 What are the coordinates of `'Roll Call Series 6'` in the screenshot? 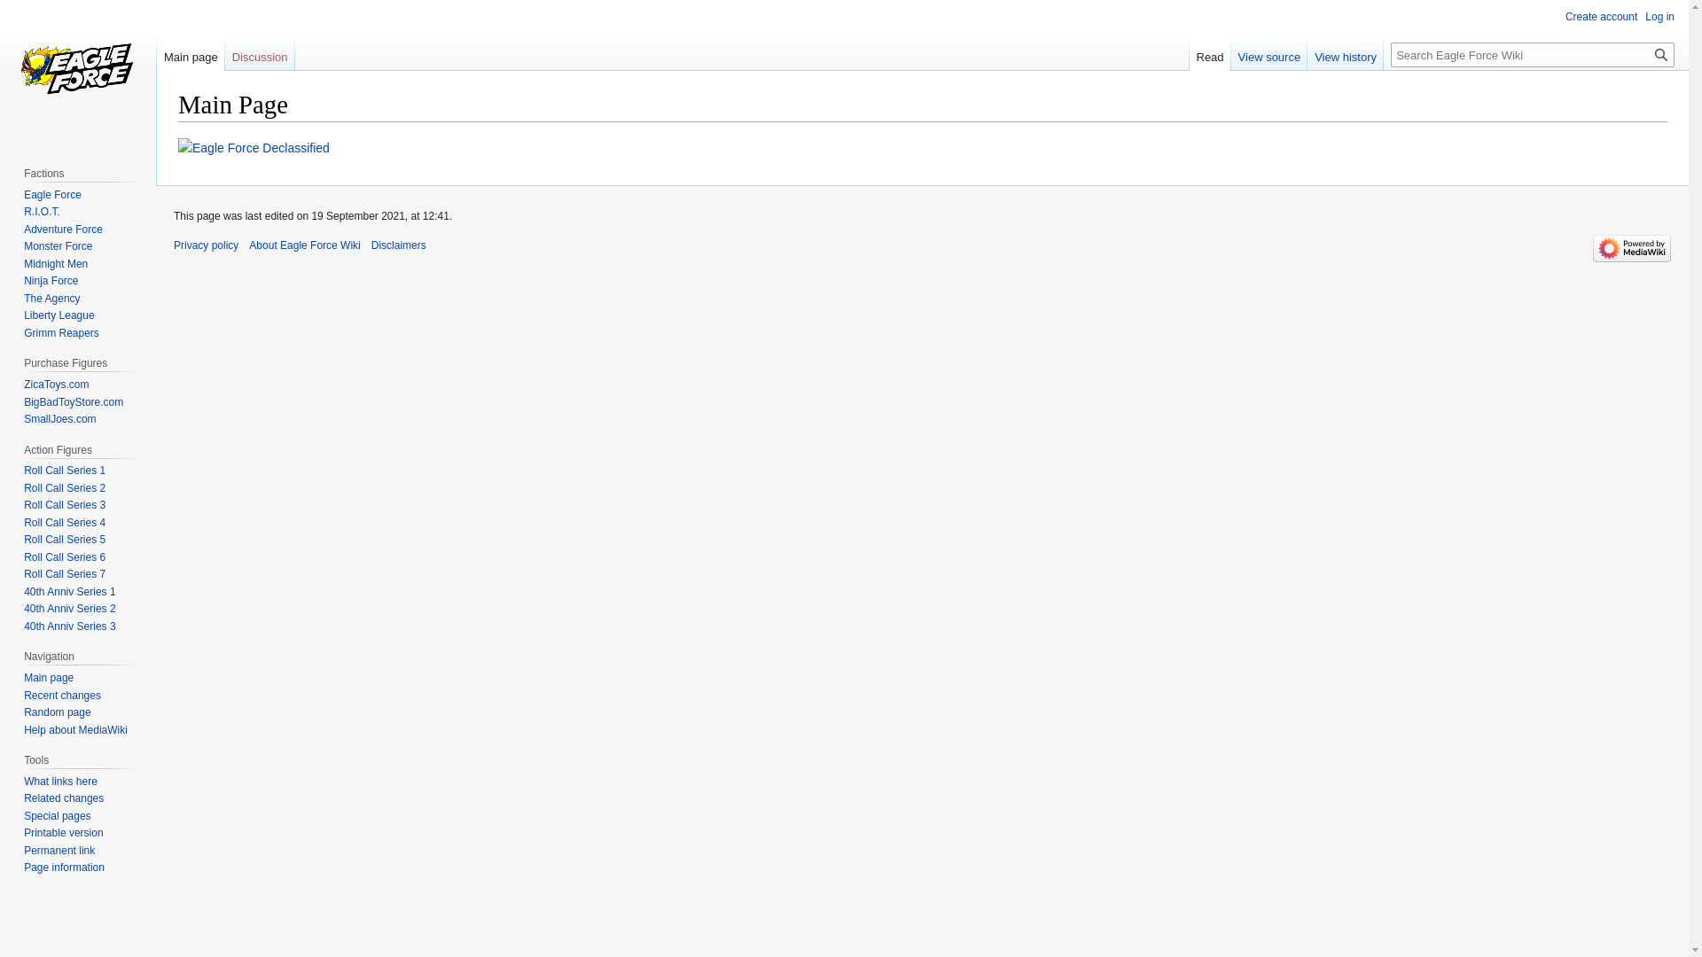 It's located at (64, 556).